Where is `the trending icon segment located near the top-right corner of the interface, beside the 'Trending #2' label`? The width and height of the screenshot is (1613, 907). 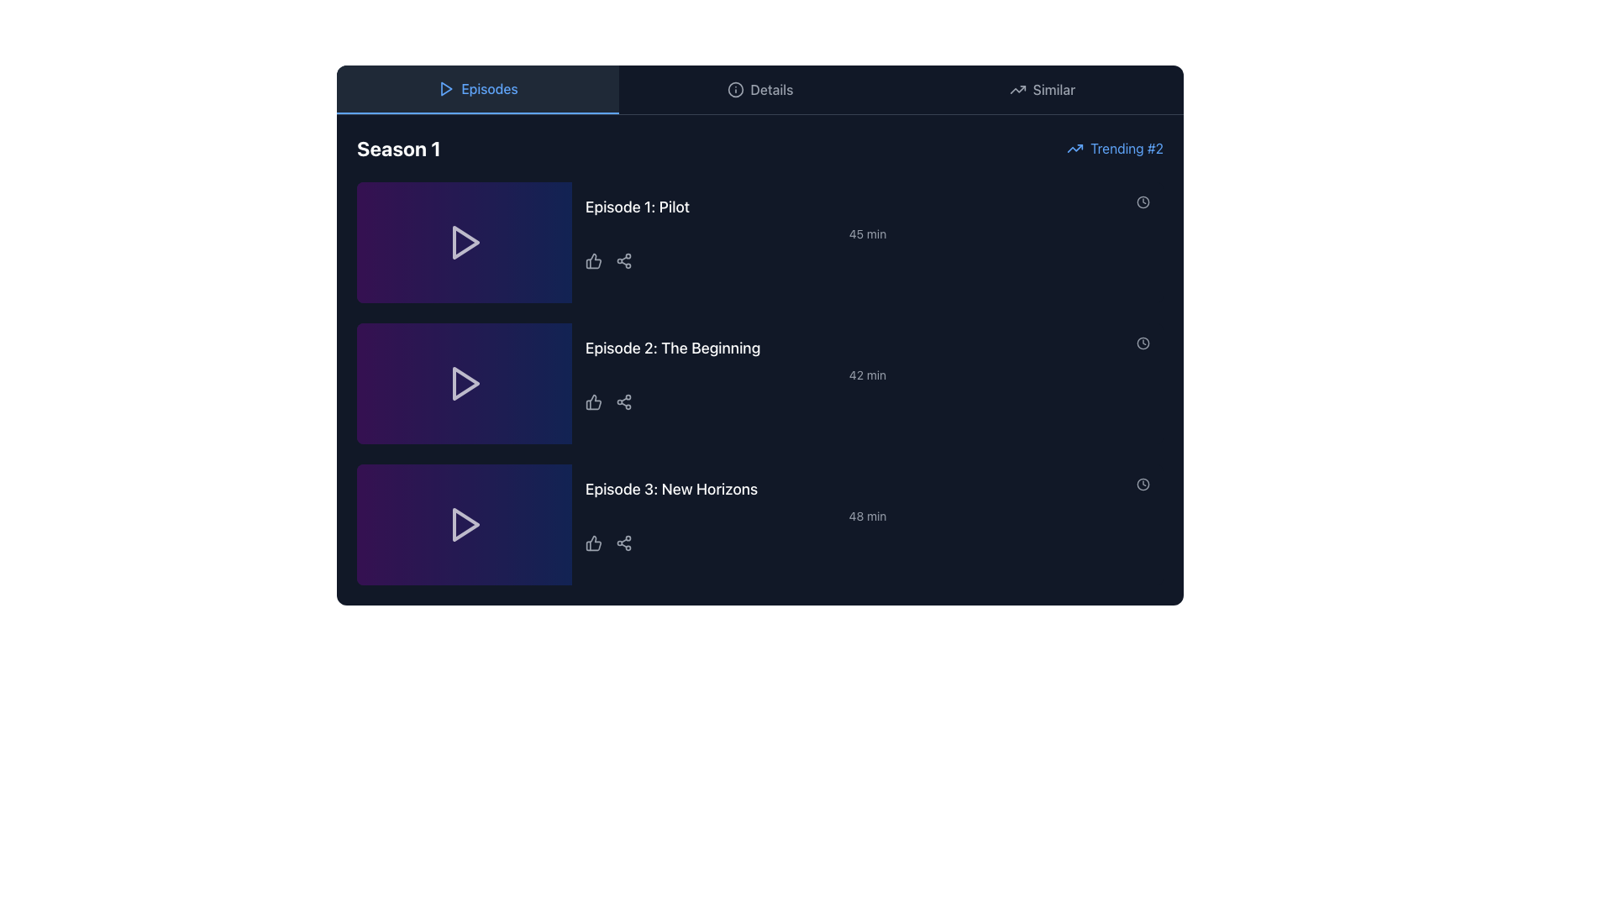 the trending icon segment located near the top-right corner of the interface, beside the 'Trending #2' label is located at coordinates (1017, 90).